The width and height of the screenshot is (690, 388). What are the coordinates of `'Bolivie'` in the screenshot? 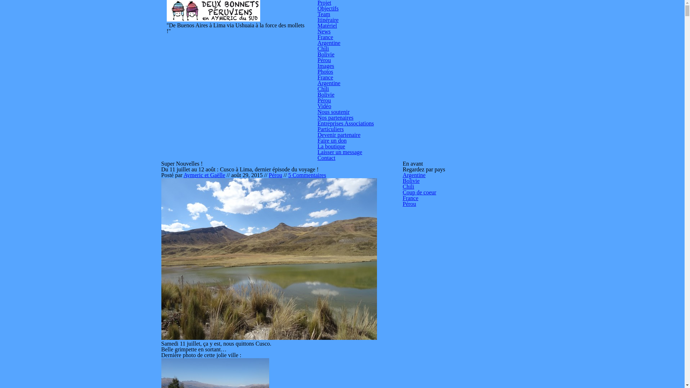 It's located at (326, 94).